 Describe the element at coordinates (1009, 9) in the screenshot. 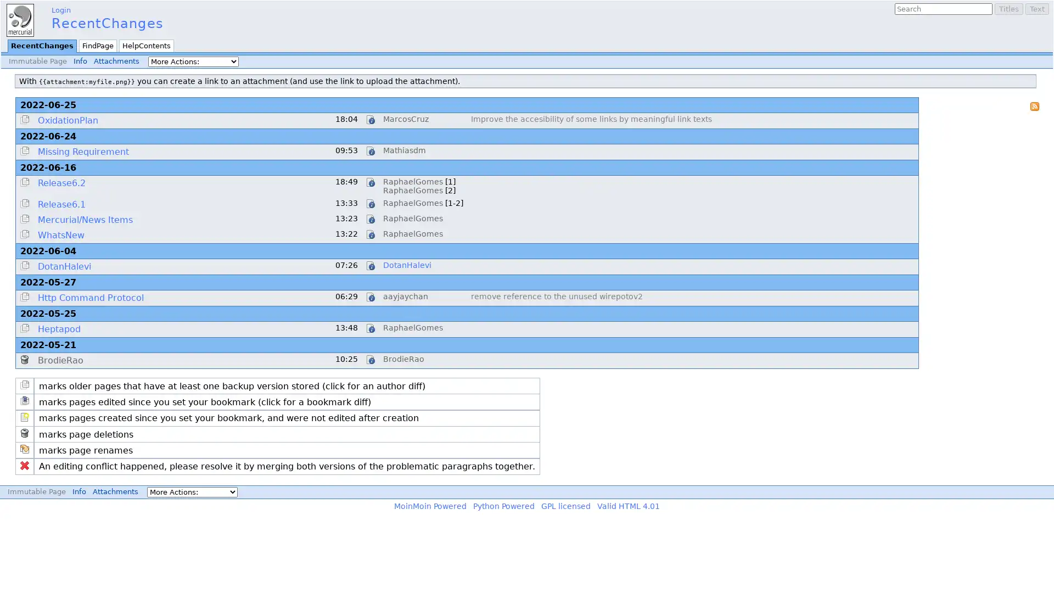

I see `Titles` at that location.